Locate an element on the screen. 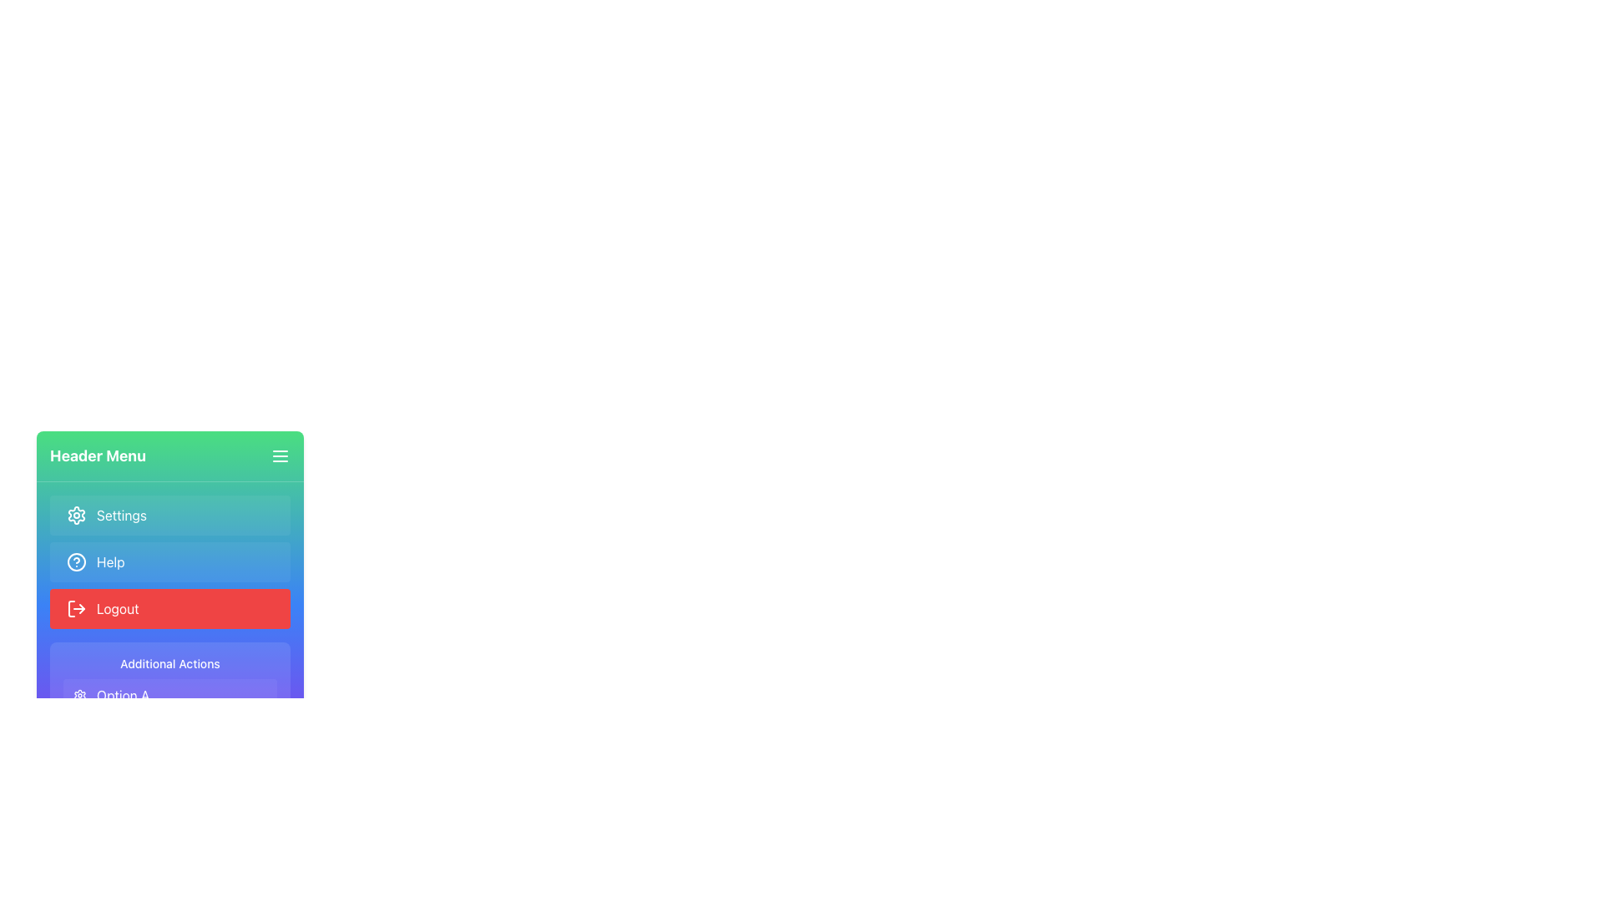  the gear icon in the settings button located in the topmost option row of the left-aligned menu panel is located at coordinates (75, 514).